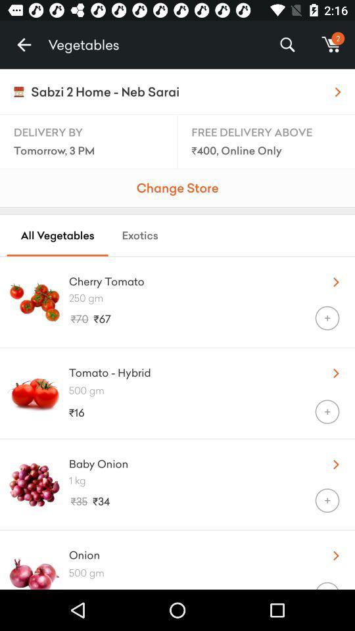 This screenshot has height=631, width=355. Describe the element at coordinates (287, 45) in the screenshot. I see `% item` at that location.